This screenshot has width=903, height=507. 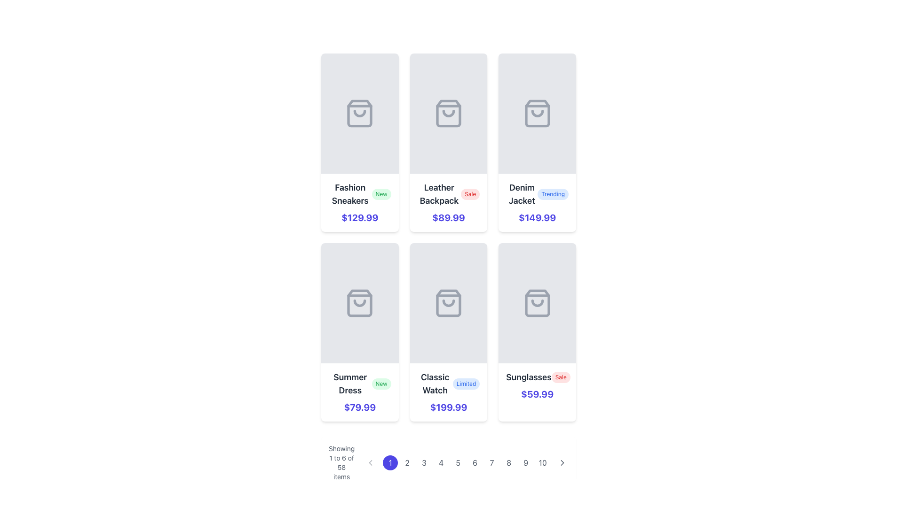 I want to click on the 'Summer Dress' product card located in the second row, first column of the grid layout, so click(x=359, y=332).